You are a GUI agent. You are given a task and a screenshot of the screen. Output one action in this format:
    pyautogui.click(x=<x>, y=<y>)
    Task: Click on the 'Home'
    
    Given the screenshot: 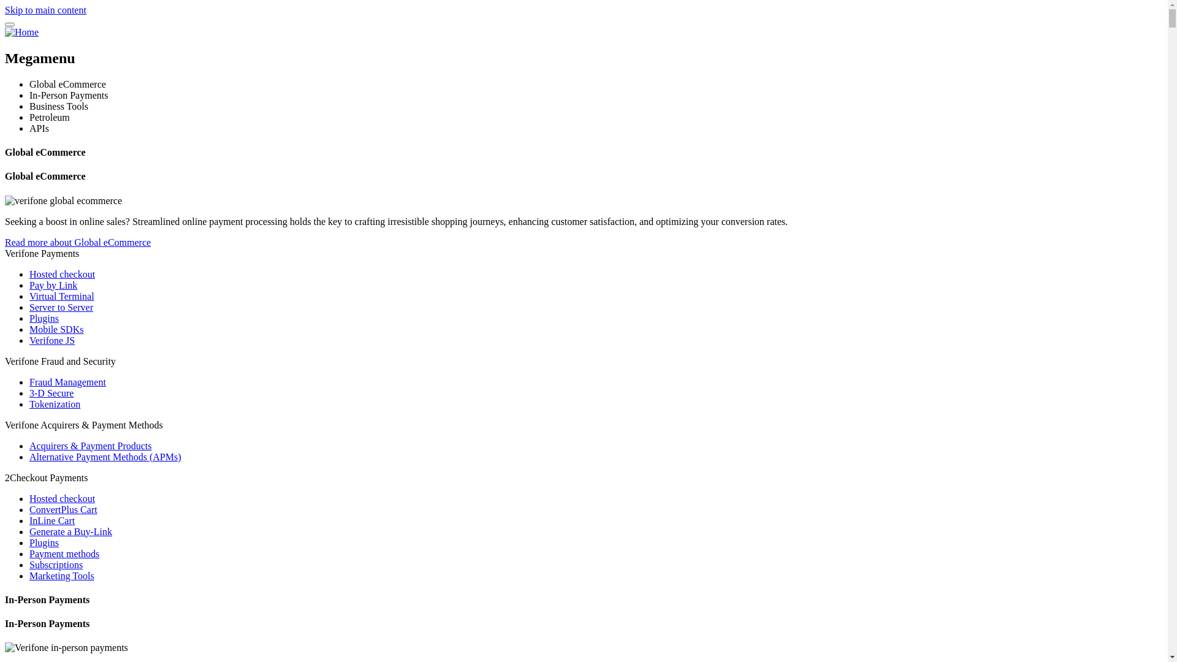 What is the action you would take?
    pyautogui.click(x=21, y=31)
    